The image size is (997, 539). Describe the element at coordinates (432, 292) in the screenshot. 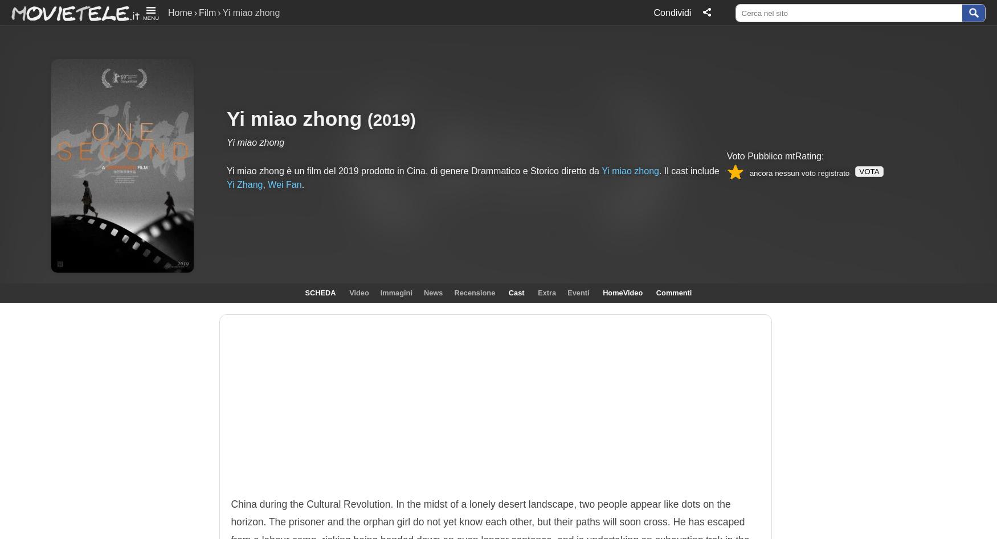

I see `'News'` at that location.